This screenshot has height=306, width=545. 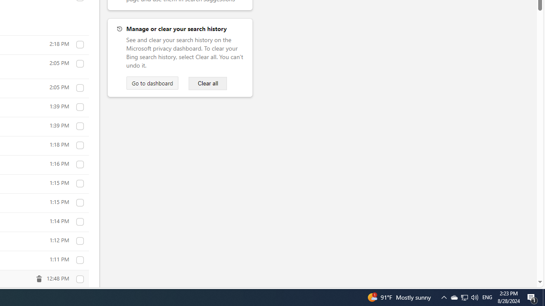 I want to click on 'amazon echo dot accessories', so click(x=80, y=164).